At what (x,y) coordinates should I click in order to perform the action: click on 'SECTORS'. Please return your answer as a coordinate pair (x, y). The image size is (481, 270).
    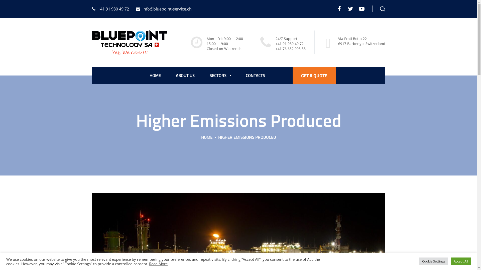
    Looking at the image, I should click on (220, 75).